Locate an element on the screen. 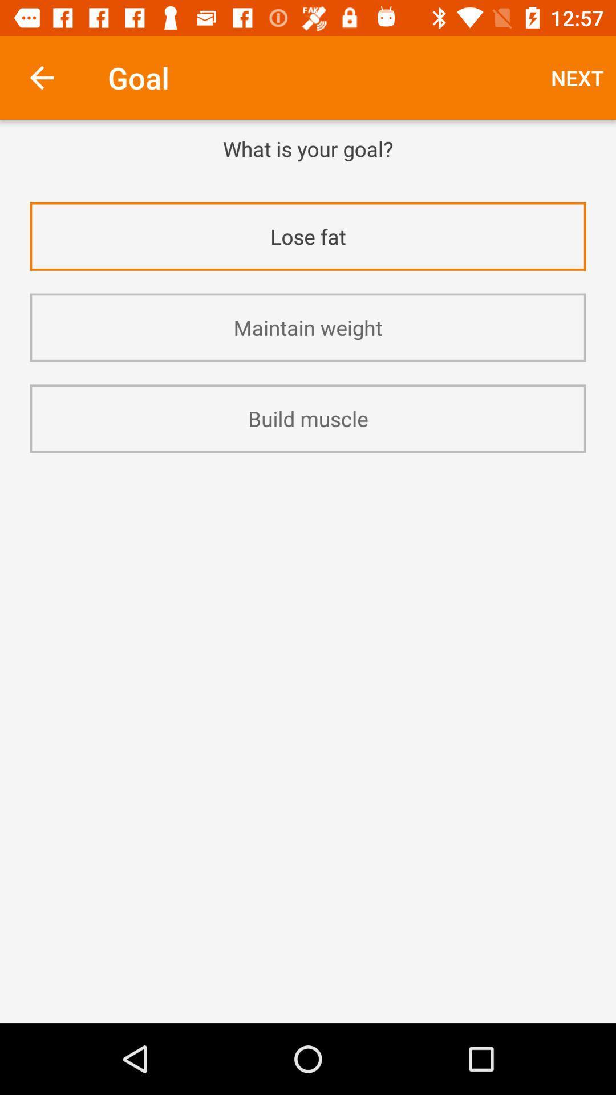 The image size is (616, 1095). lose fat icon is located at coordinates (308, 236).